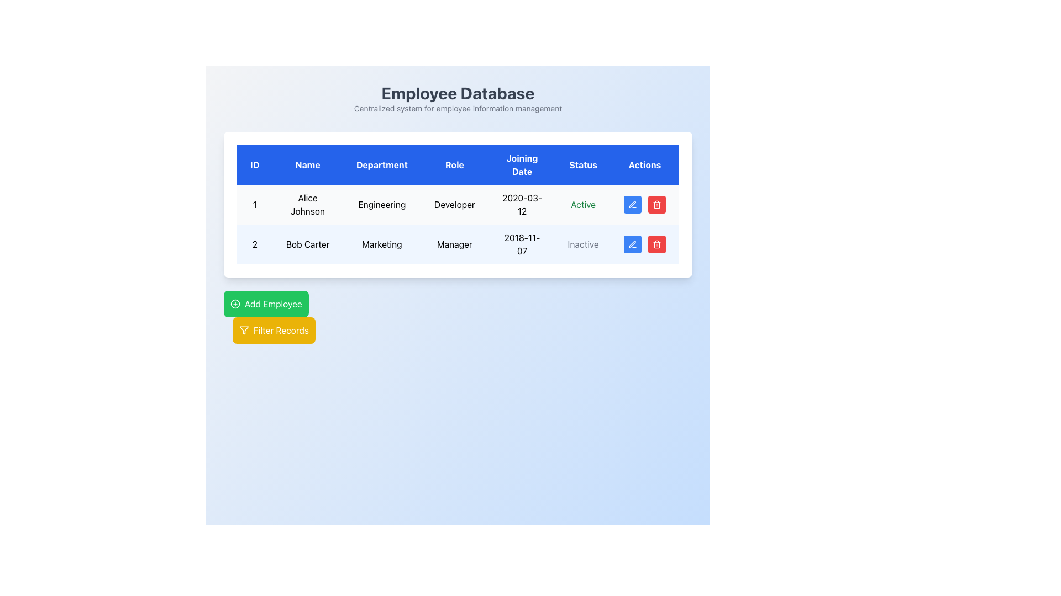  What do you see at coordinates (632, 204) in the screenshot?
I see `the IconButton representing the edit functionality for user 'Alice Johnson' located in the 'Actions' column of the user table` at bounding box center [632, 204].